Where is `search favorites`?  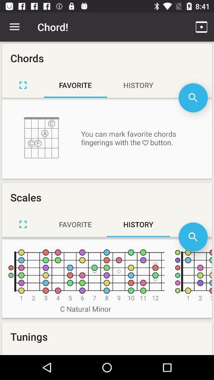 search favorites is located at coordinates (193, 97).